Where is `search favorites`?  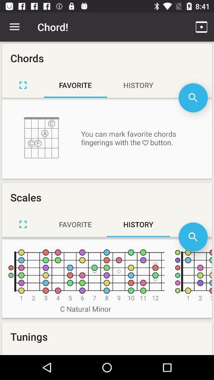 search favorites is located at coordinates (193, 97).